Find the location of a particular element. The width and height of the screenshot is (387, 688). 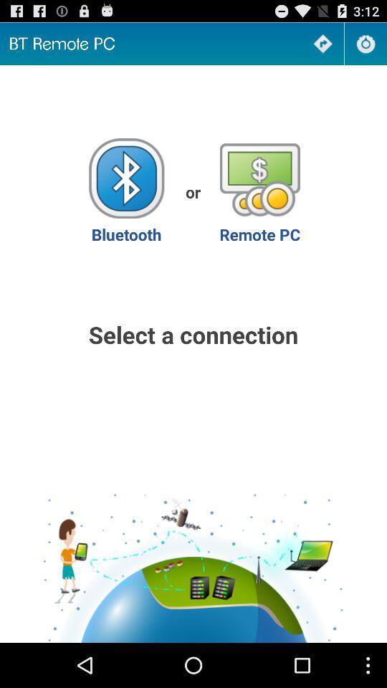

item to the left of or item is located at coordinates (126, 191).